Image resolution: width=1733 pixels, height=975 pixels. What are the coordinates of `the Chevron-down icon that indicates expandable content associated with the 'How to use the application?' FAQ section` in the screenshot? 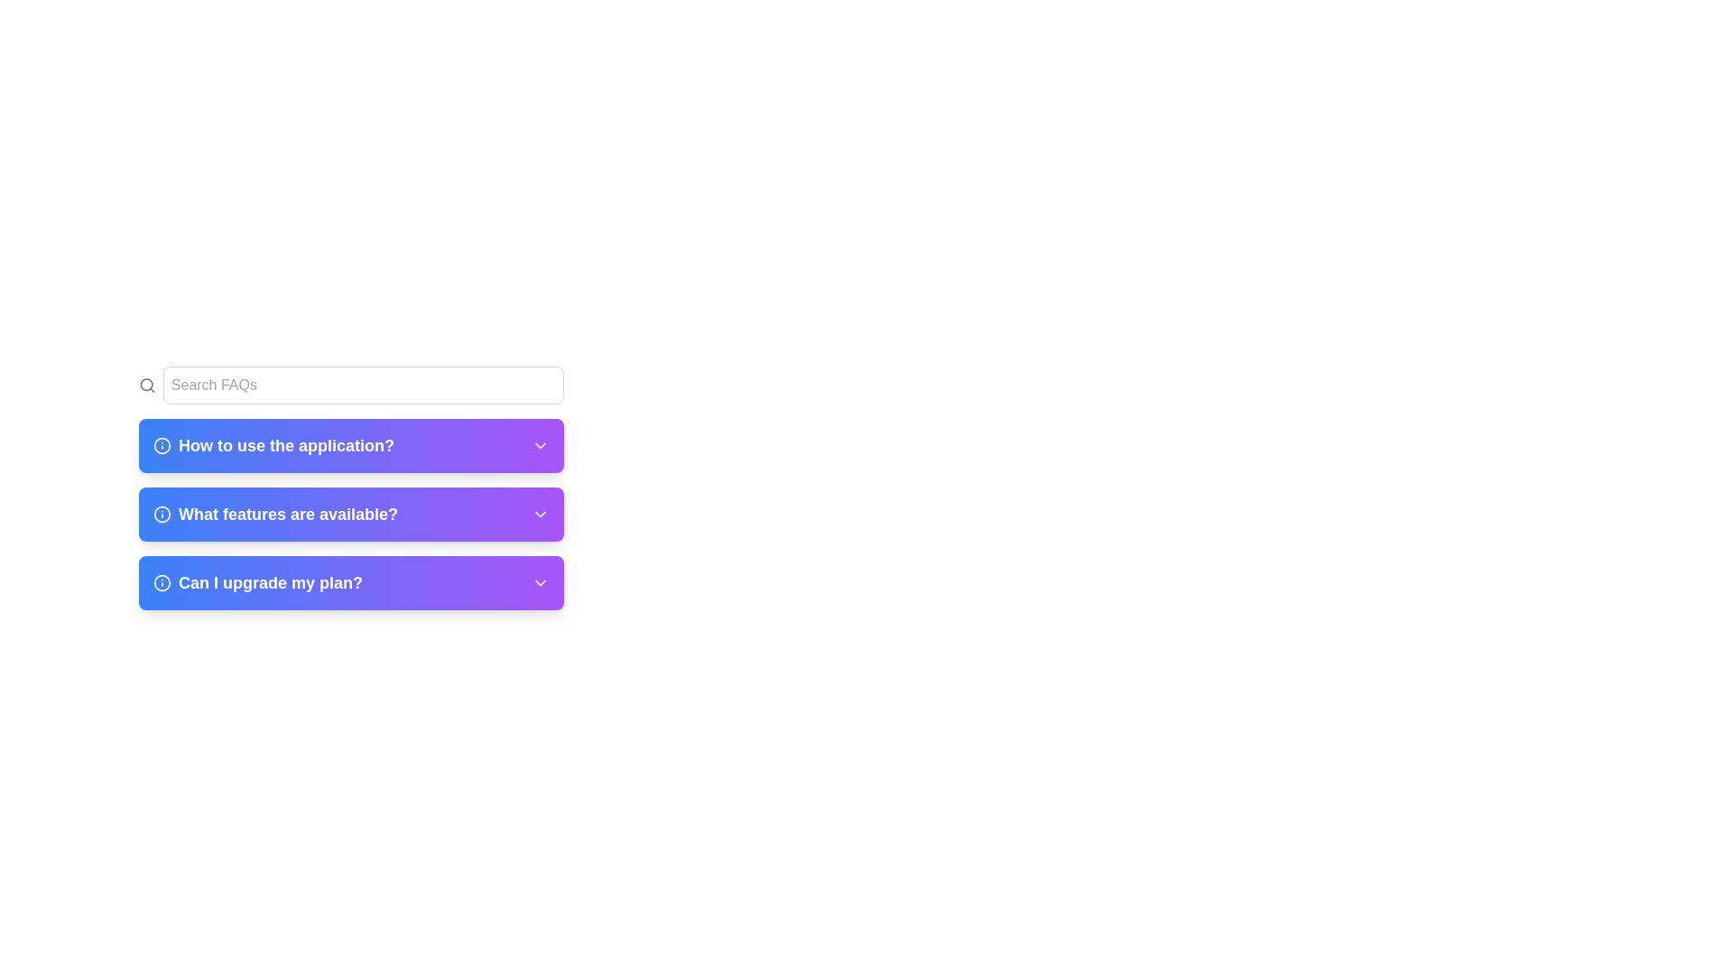 It's located at (540, 445).